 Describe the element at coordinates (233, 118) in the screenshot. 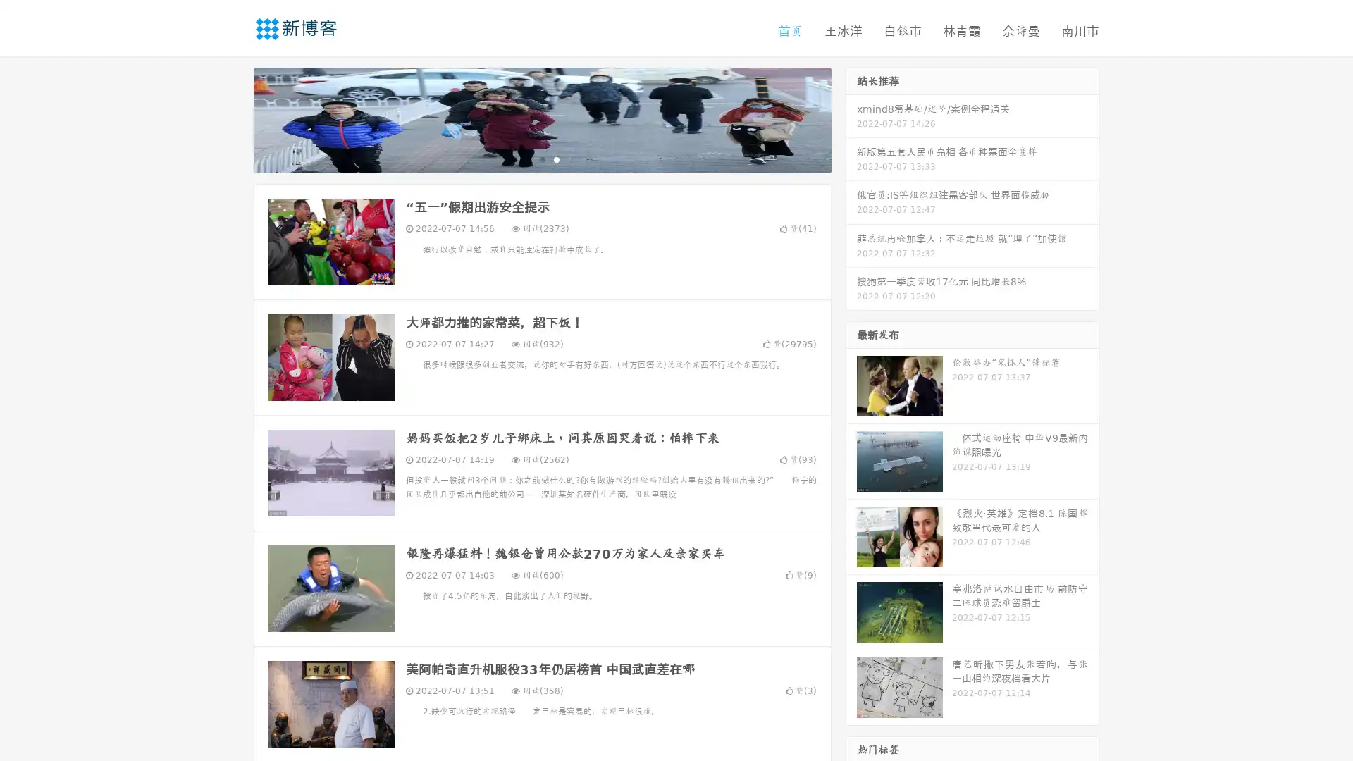

I see `Previous slide` at that location.